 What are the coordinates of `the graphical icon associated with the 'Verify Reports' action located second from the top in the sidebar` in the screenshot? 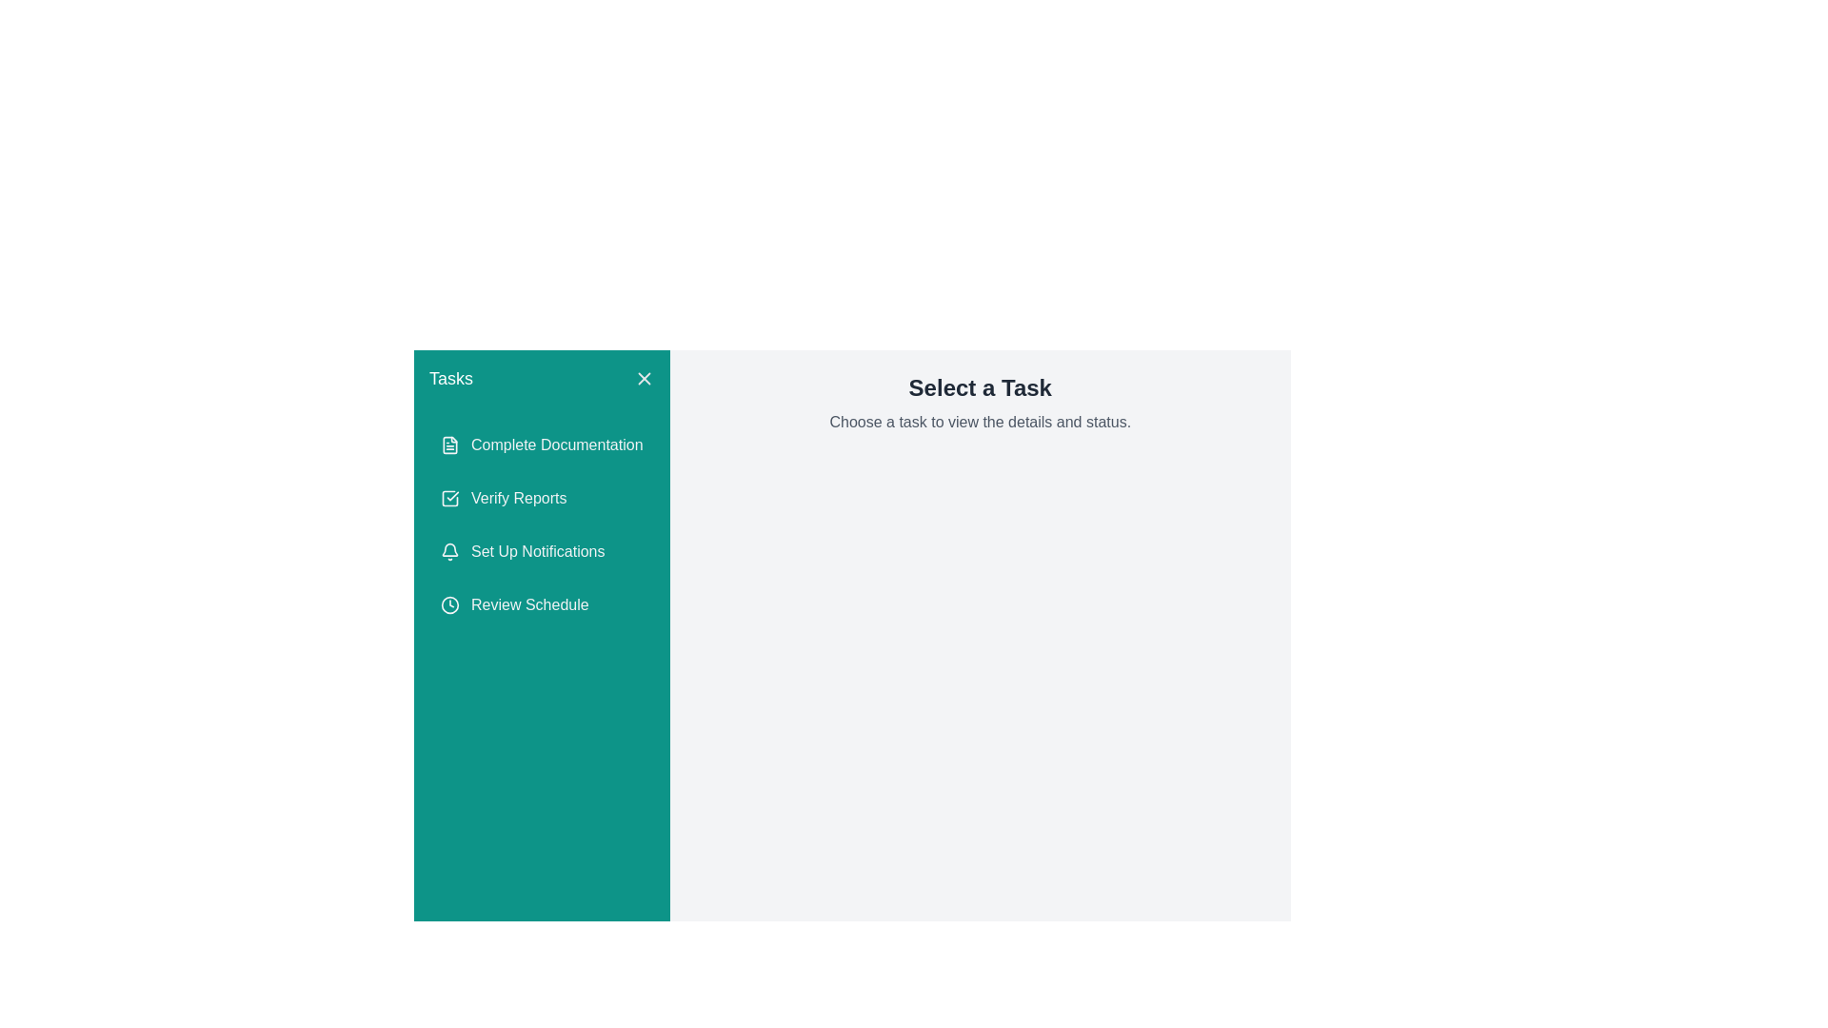 It's located at (449, 498).